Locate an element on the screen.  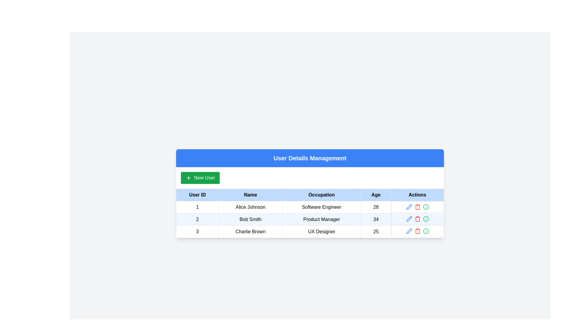
the delete button located in the 'Actions' column of the last row of the table to initiate the deletion of the user record for Charlie Brown is located at coordinates (417, 231).